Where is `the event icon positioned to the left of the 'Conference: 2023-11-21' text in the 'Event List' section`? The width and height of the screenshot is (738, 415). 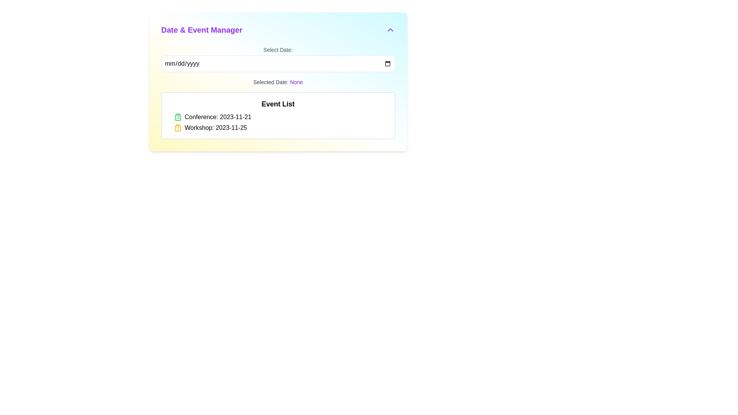
the event icon positioned to the left of the 'Conference: 2023-11-21' text in the 'Event List' section is located at coordinates (177, 117).